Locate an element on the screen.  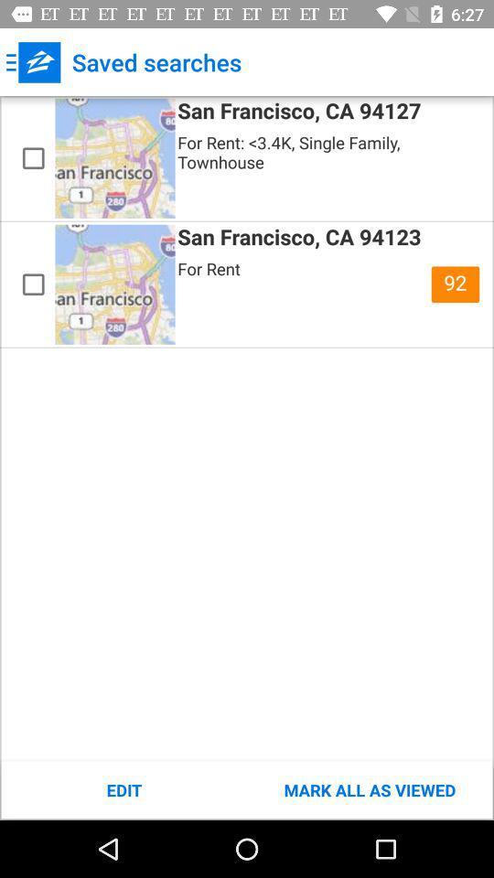
the result of searching is located at coordinates (33, 284).